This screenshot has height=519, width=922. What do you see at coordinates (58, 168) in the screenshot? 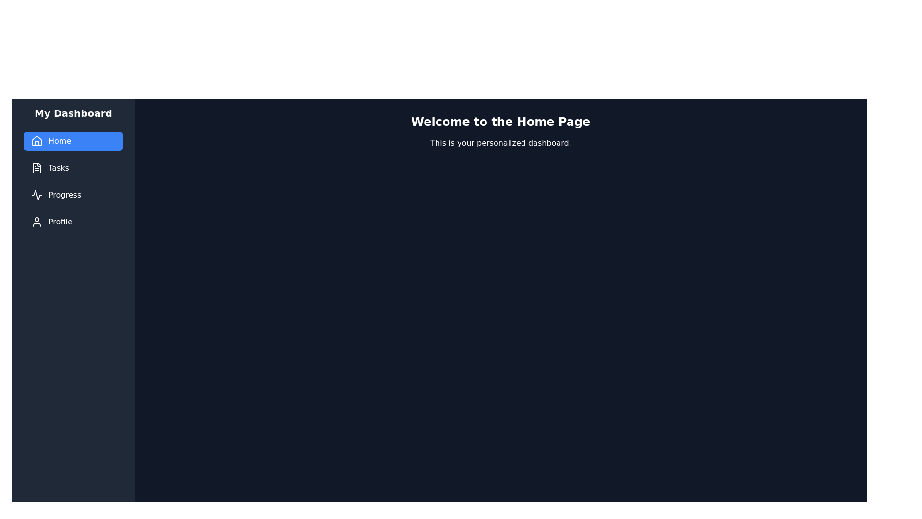
I see `the 'Tasks' text label in the vertical navigation menu, which is styled with a white font color against a dark background and is the second text label below 'Home'` at bounding box center [58, 168].